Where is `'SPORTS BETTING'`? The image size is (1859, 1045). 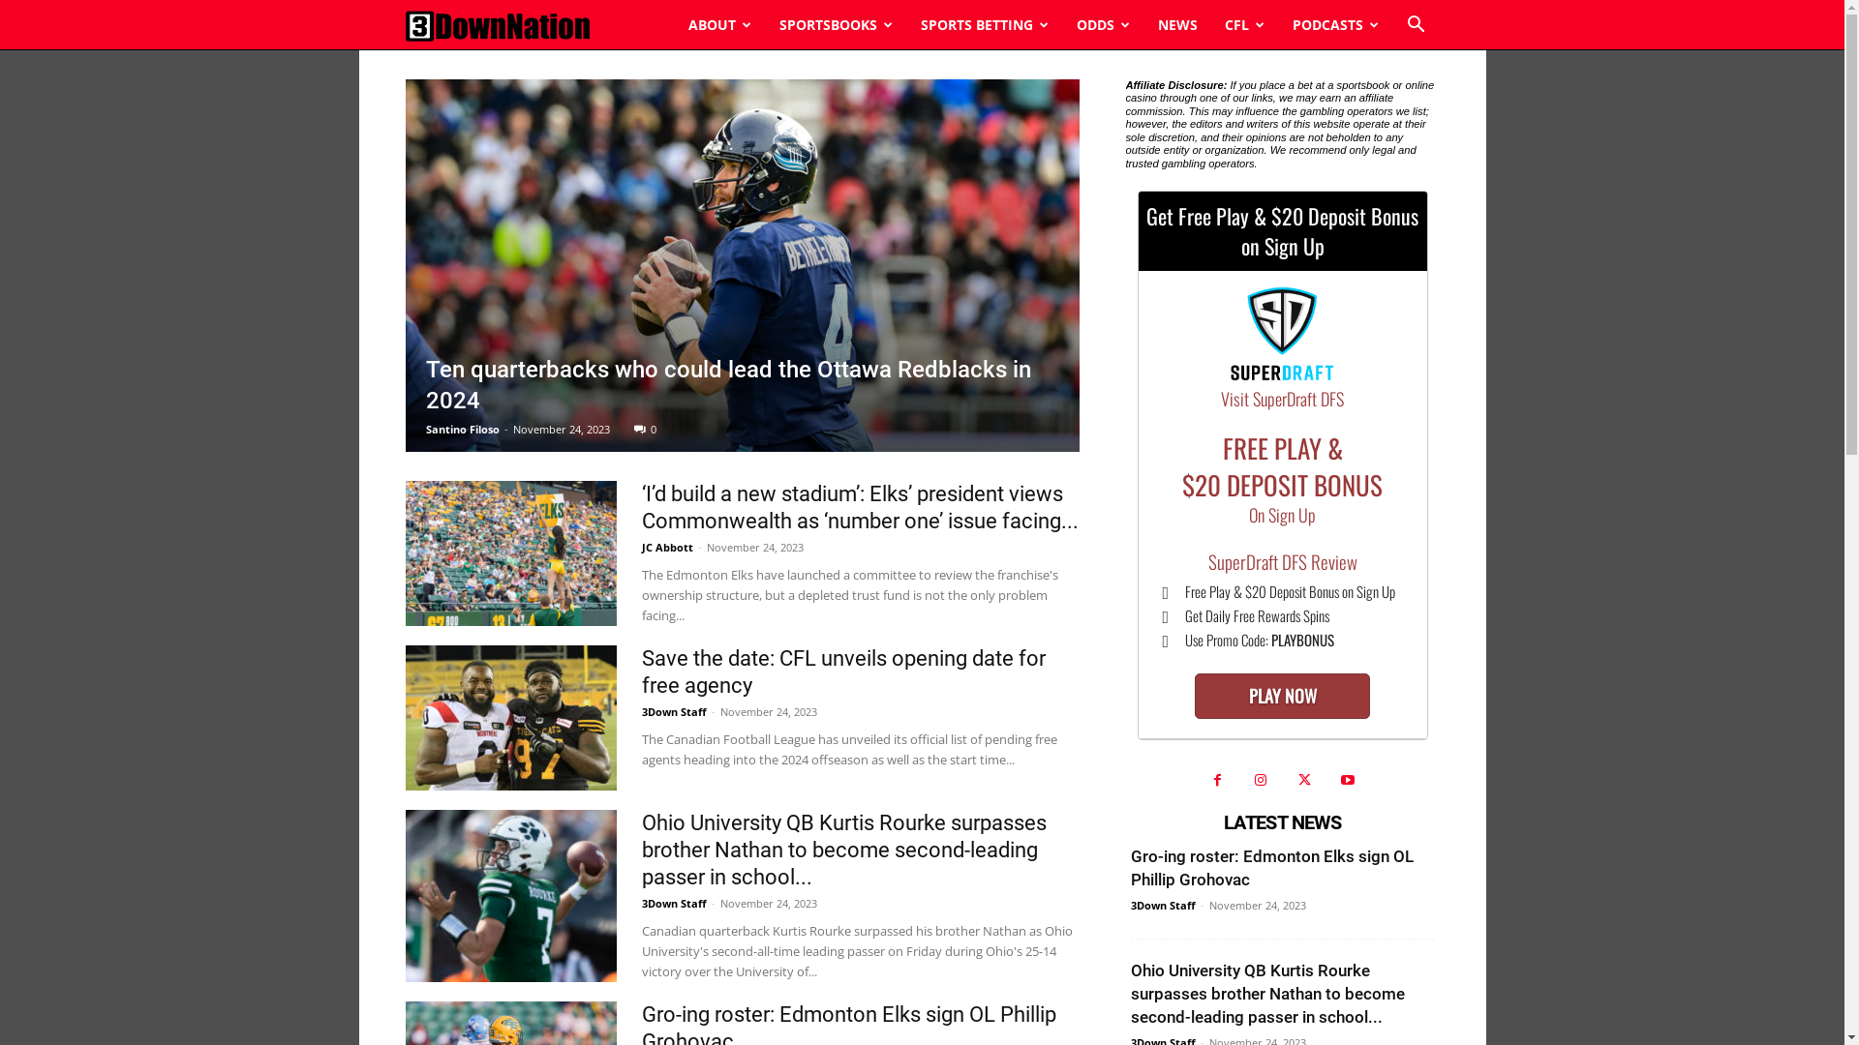 'SPORTS BETTING' is located at coordinates (984, 25).